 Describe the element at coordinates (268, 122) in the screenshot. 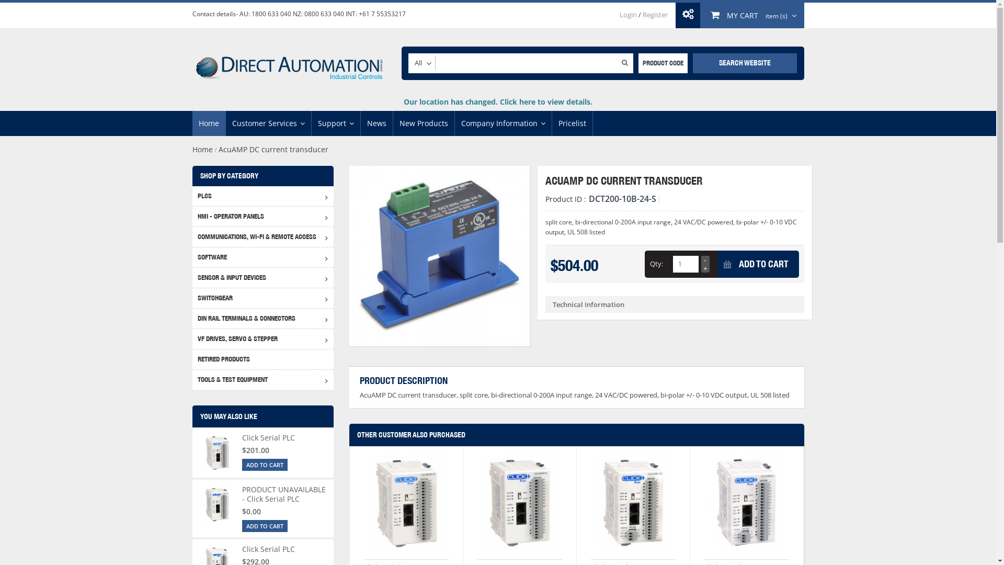

I see `'Customer Services'` at that location.